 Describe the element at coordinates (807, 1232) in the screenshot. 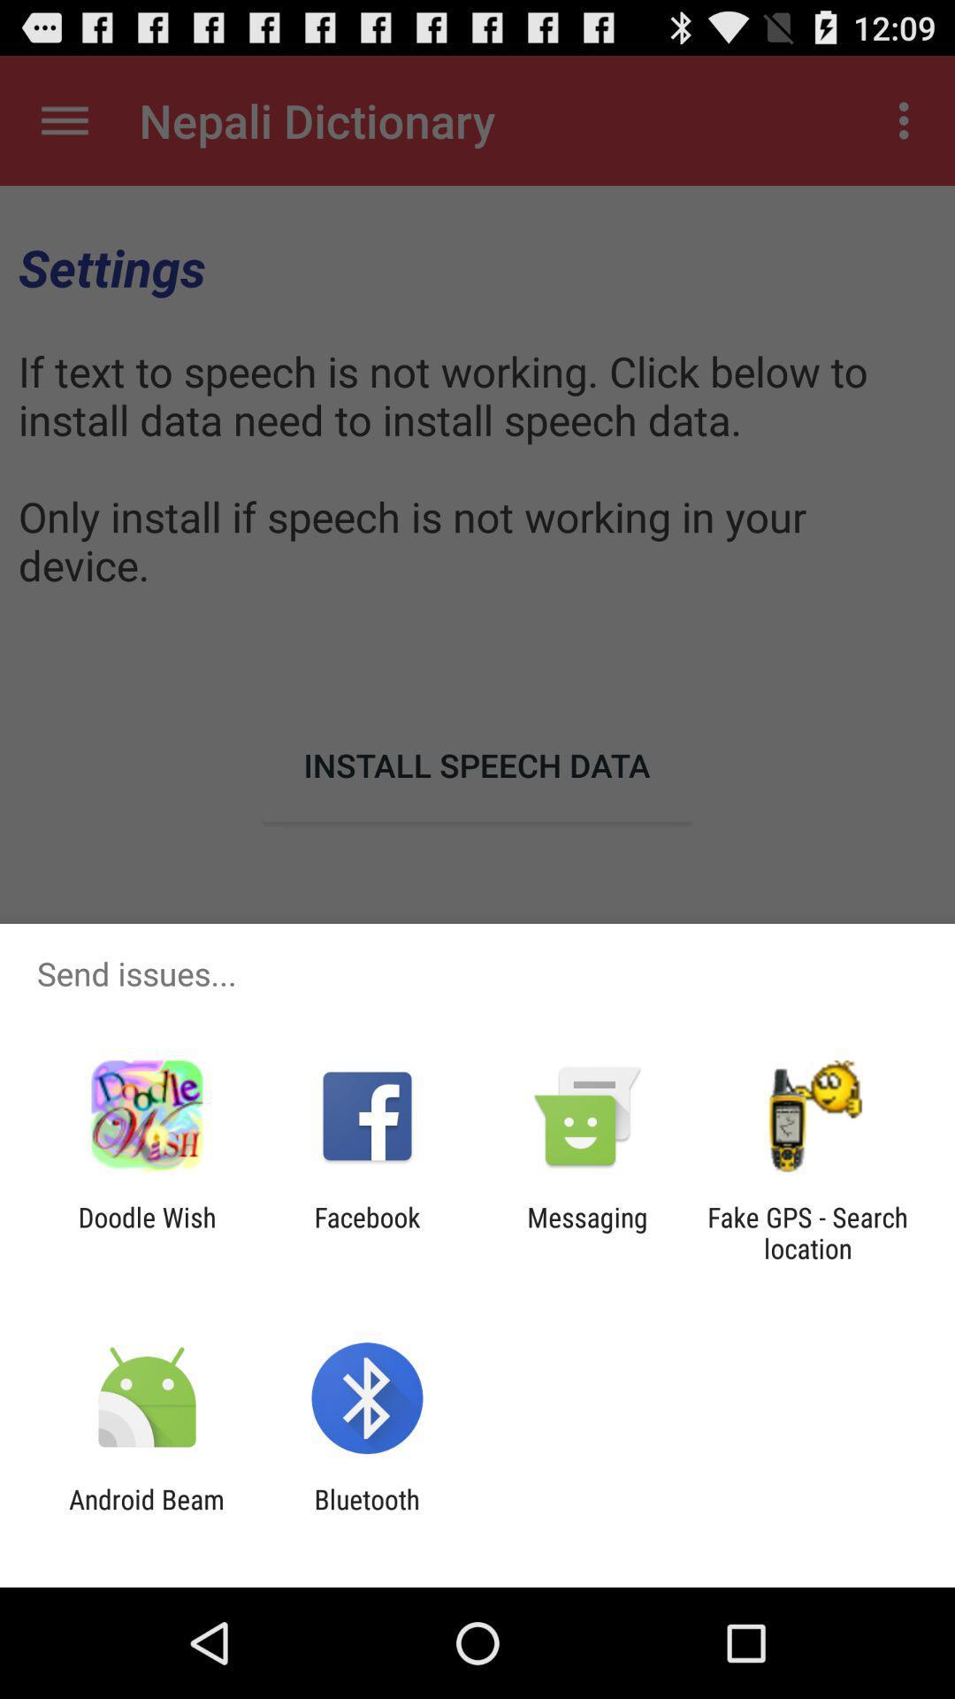

I see `the icon next to the messaging icon` at that location.